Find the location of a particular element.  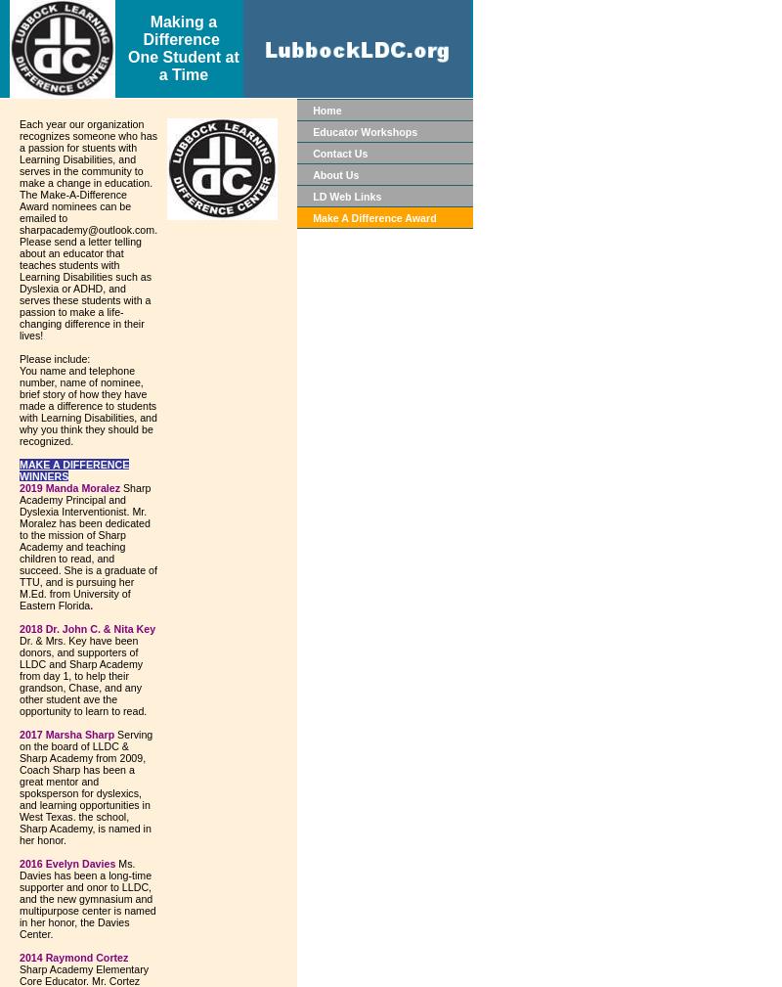

'Home' is located at coordinates (326, 108).